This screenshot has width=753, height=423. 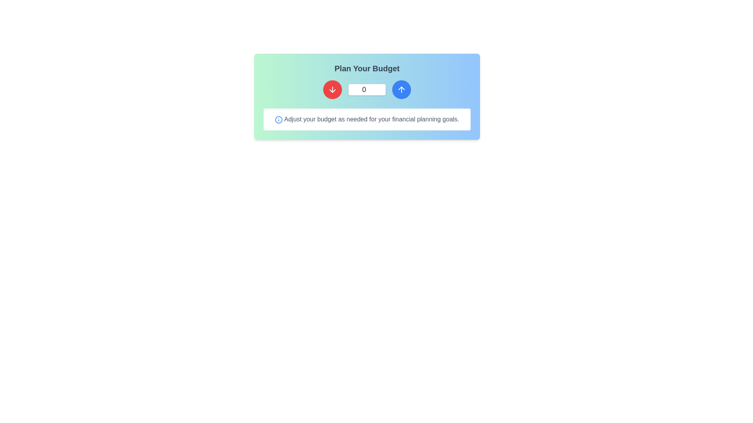 I want to click on the informational icon that indicates additional context about the budgeting feature, positioned to the left of the text 'Adjust your budget as needed for your financial planning goals.', so click(x=278, y=119).